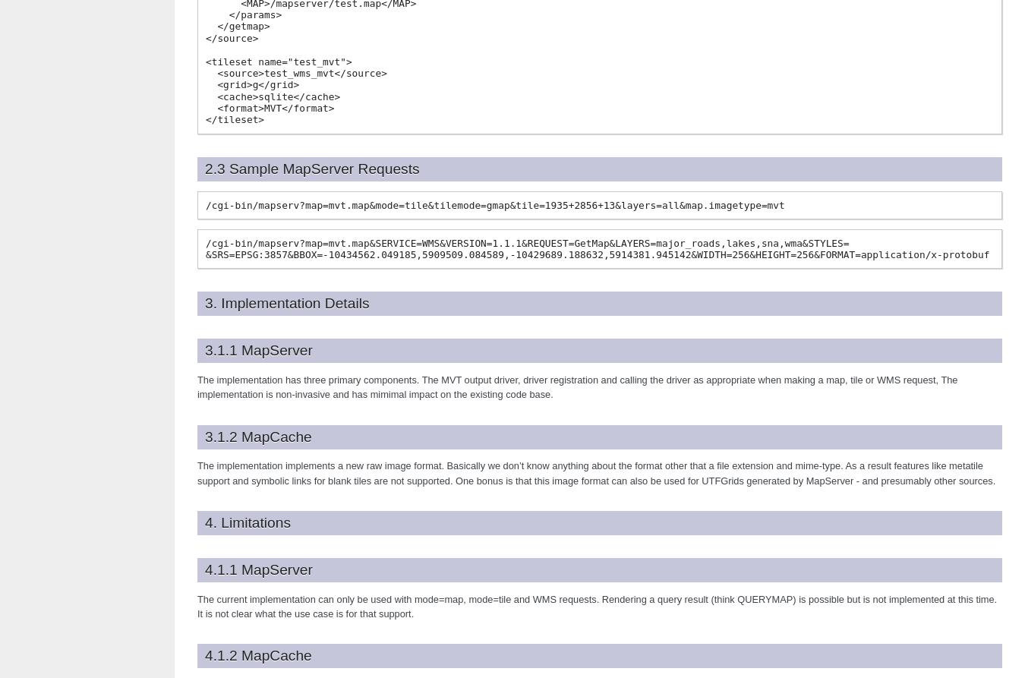 This screenshot has width=1025, height=678. I want to click on '/cgi-bin/mapserv?map=mvt.map&SERVICE=WMS&VERSION=1.1.1&REQUEST=GetMap&LAYERS=major_roads,lakes,sna,wma&STYLES=
&SRS=EPSG:3857&BBOX=-10434562.049185,5909509.084589,-10429689.188632,5914381.945142&WIDTH=256&HEIGHT=256&FORMAT=application/x-protobuf', so click(597, 248).